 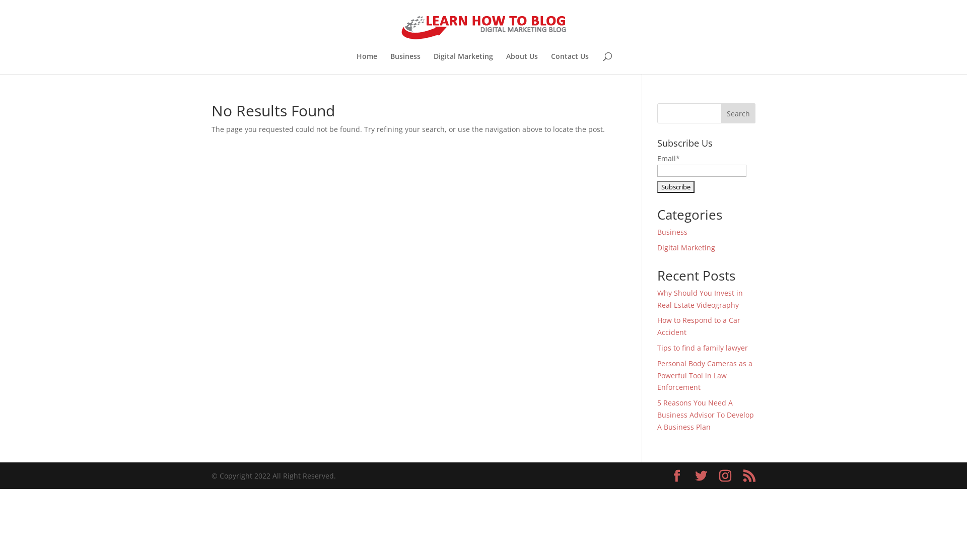 I want to click on 'Personal Body Cameras as a Powerful Tool in Law Enforcement', so click(x=657, y=375).